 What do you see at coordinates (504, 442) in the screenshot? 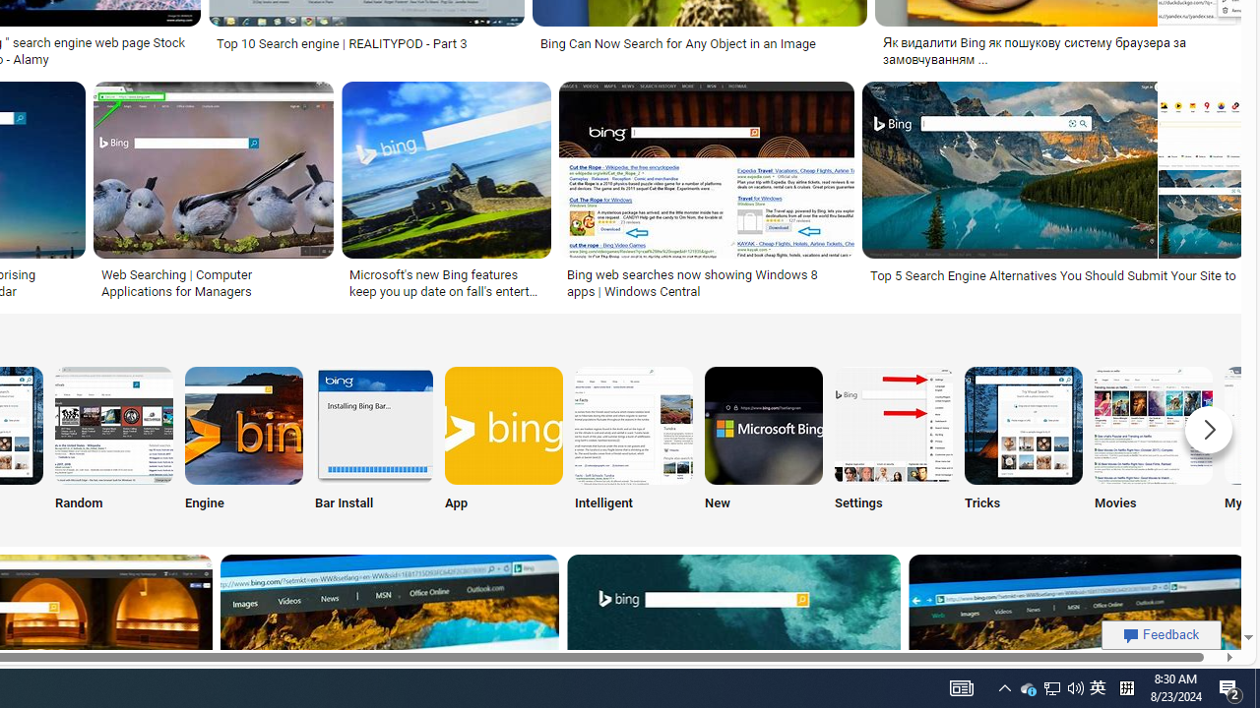
I see `'Bing Search App App'` at bounding box center [504, 442].